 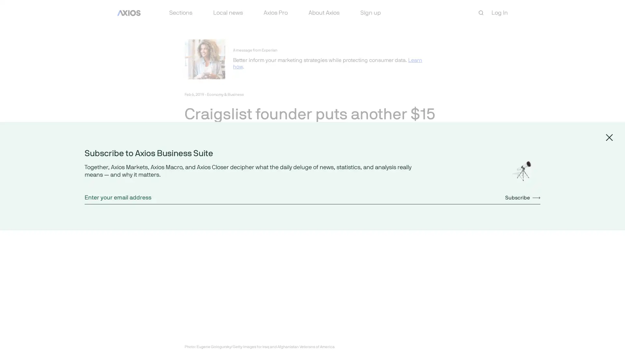 I want to click on email, so click(x=236, y=177).